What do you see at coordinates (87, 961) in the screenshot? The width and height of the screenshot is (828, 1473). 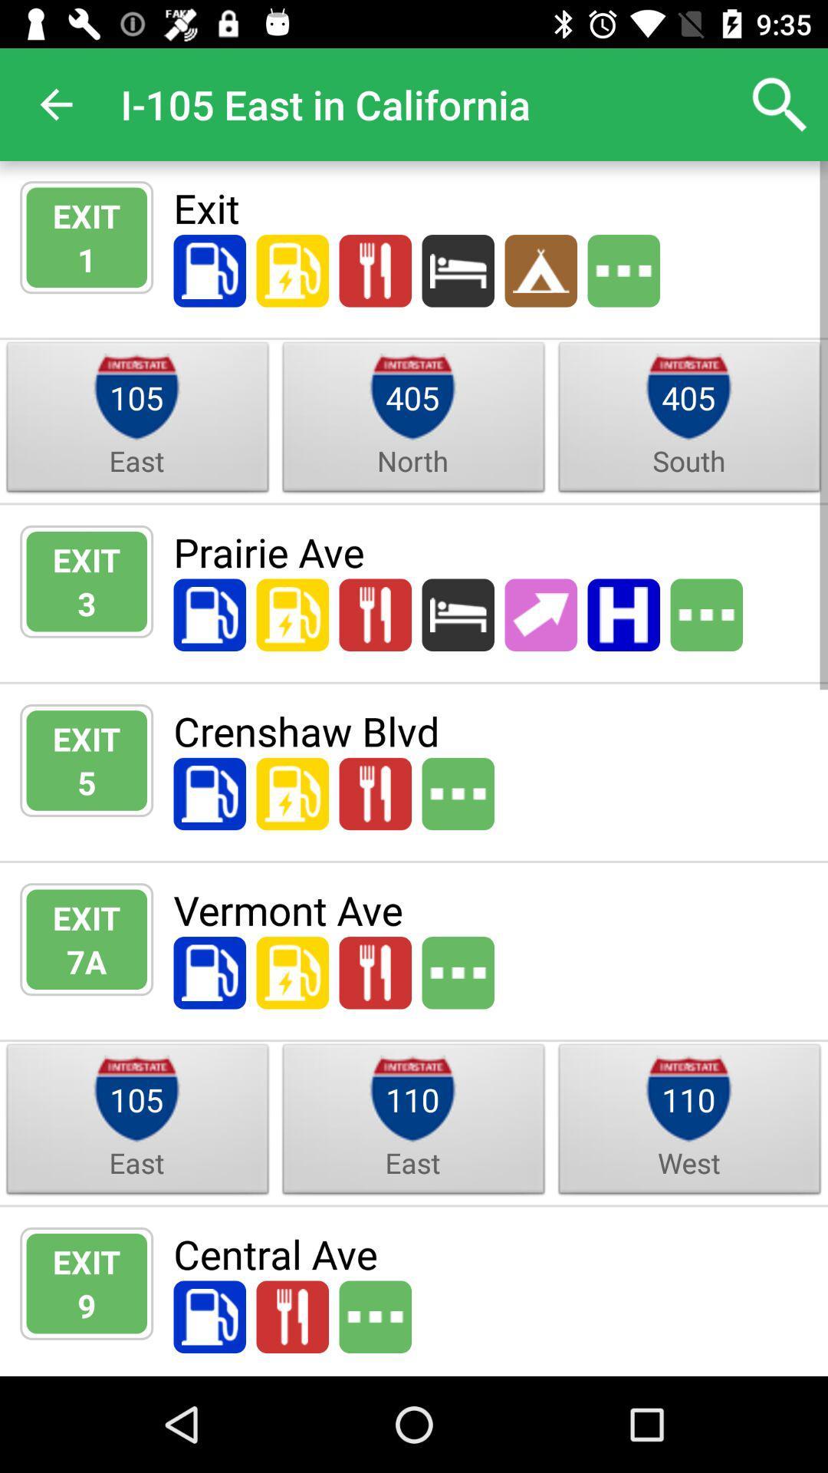 I see `item below exit item` at bounding box center [87, 961].